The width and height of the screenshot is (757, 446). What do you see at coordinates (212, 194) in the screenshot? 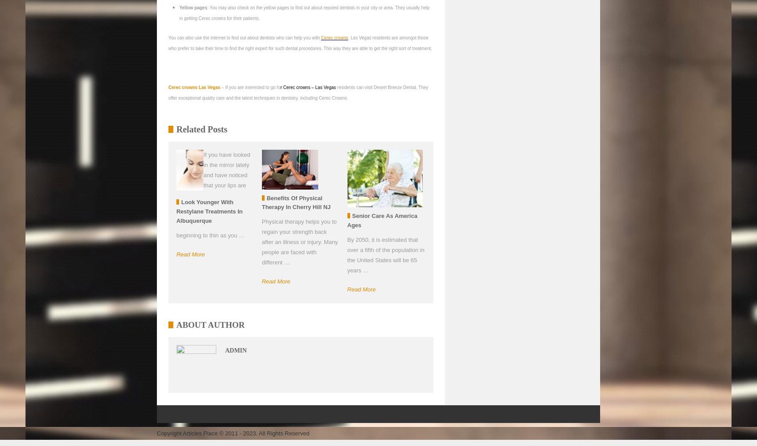
I see `'If you have looked in the mirror lately and have noticed that your lips are beginning to thin as you …'` at bounding box center [212, 194].